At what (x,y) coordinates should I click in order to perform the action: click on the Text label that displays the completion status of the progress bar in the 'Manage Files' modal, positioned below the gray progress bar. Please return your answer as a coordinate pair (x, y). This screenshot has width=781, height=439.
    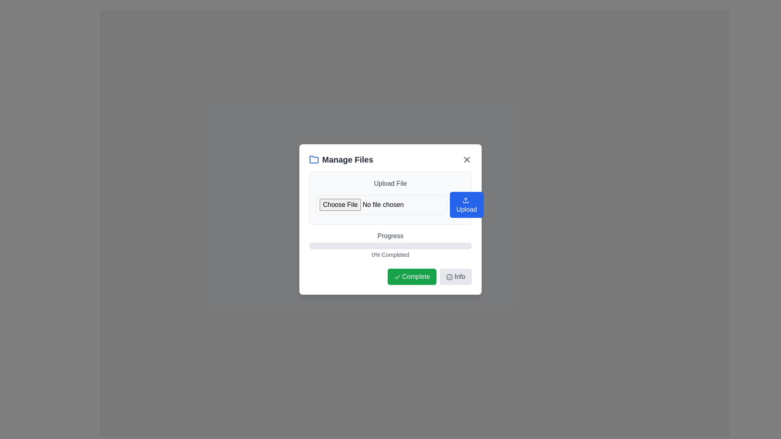
    Looking at the image, I should click on (390, 254).